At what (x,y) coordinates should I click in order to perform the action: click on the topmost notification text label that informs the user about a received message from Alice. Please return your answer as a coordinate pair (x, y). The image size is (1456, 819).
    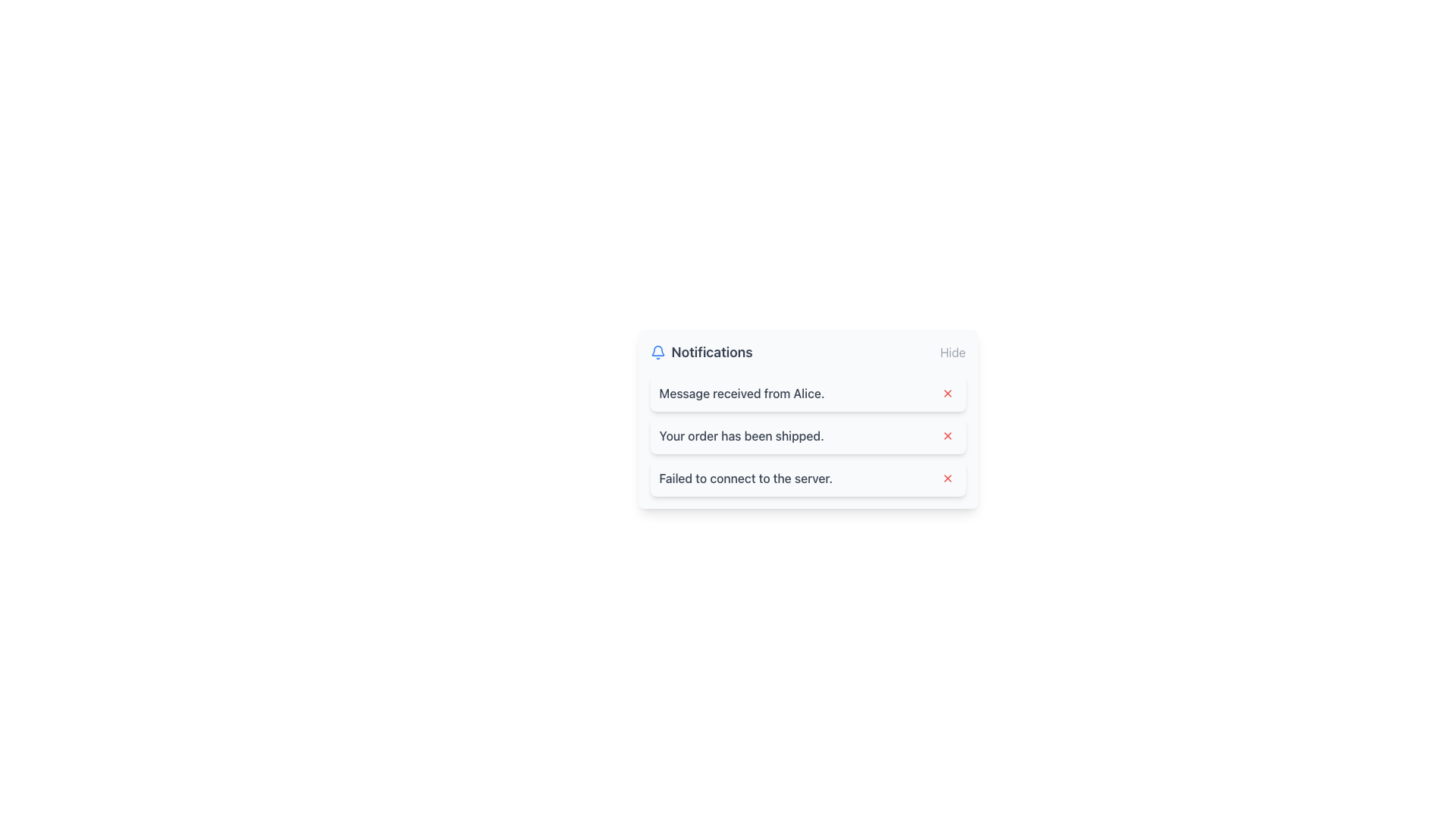
    Looking at the image, I should click on (742, 393).